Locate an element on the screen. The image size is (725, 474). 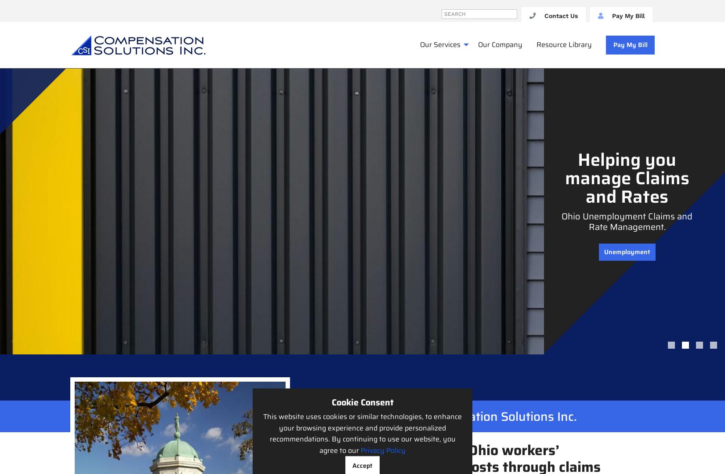
'Our Company' is located at coordinates (500, 44).